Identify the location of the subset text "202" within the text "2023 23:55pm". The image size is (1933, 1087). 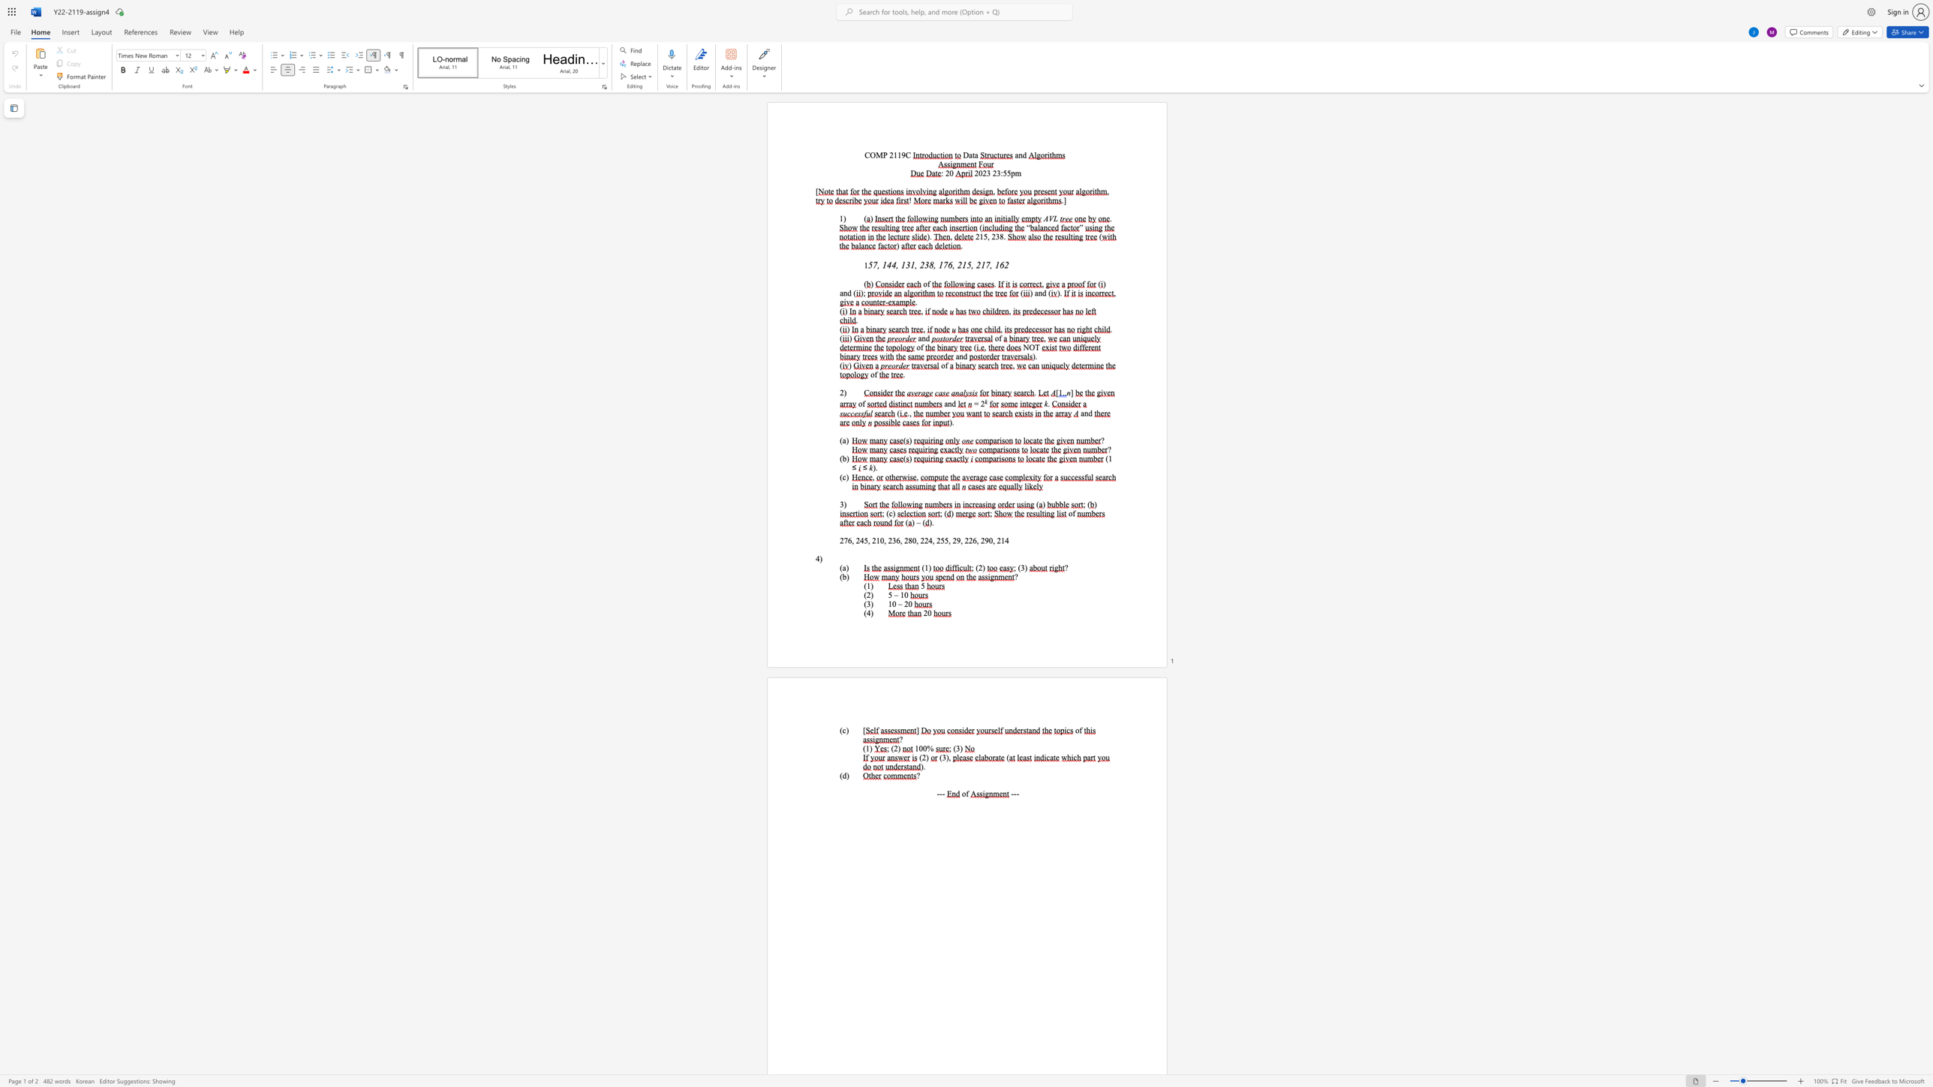
(975, 173).